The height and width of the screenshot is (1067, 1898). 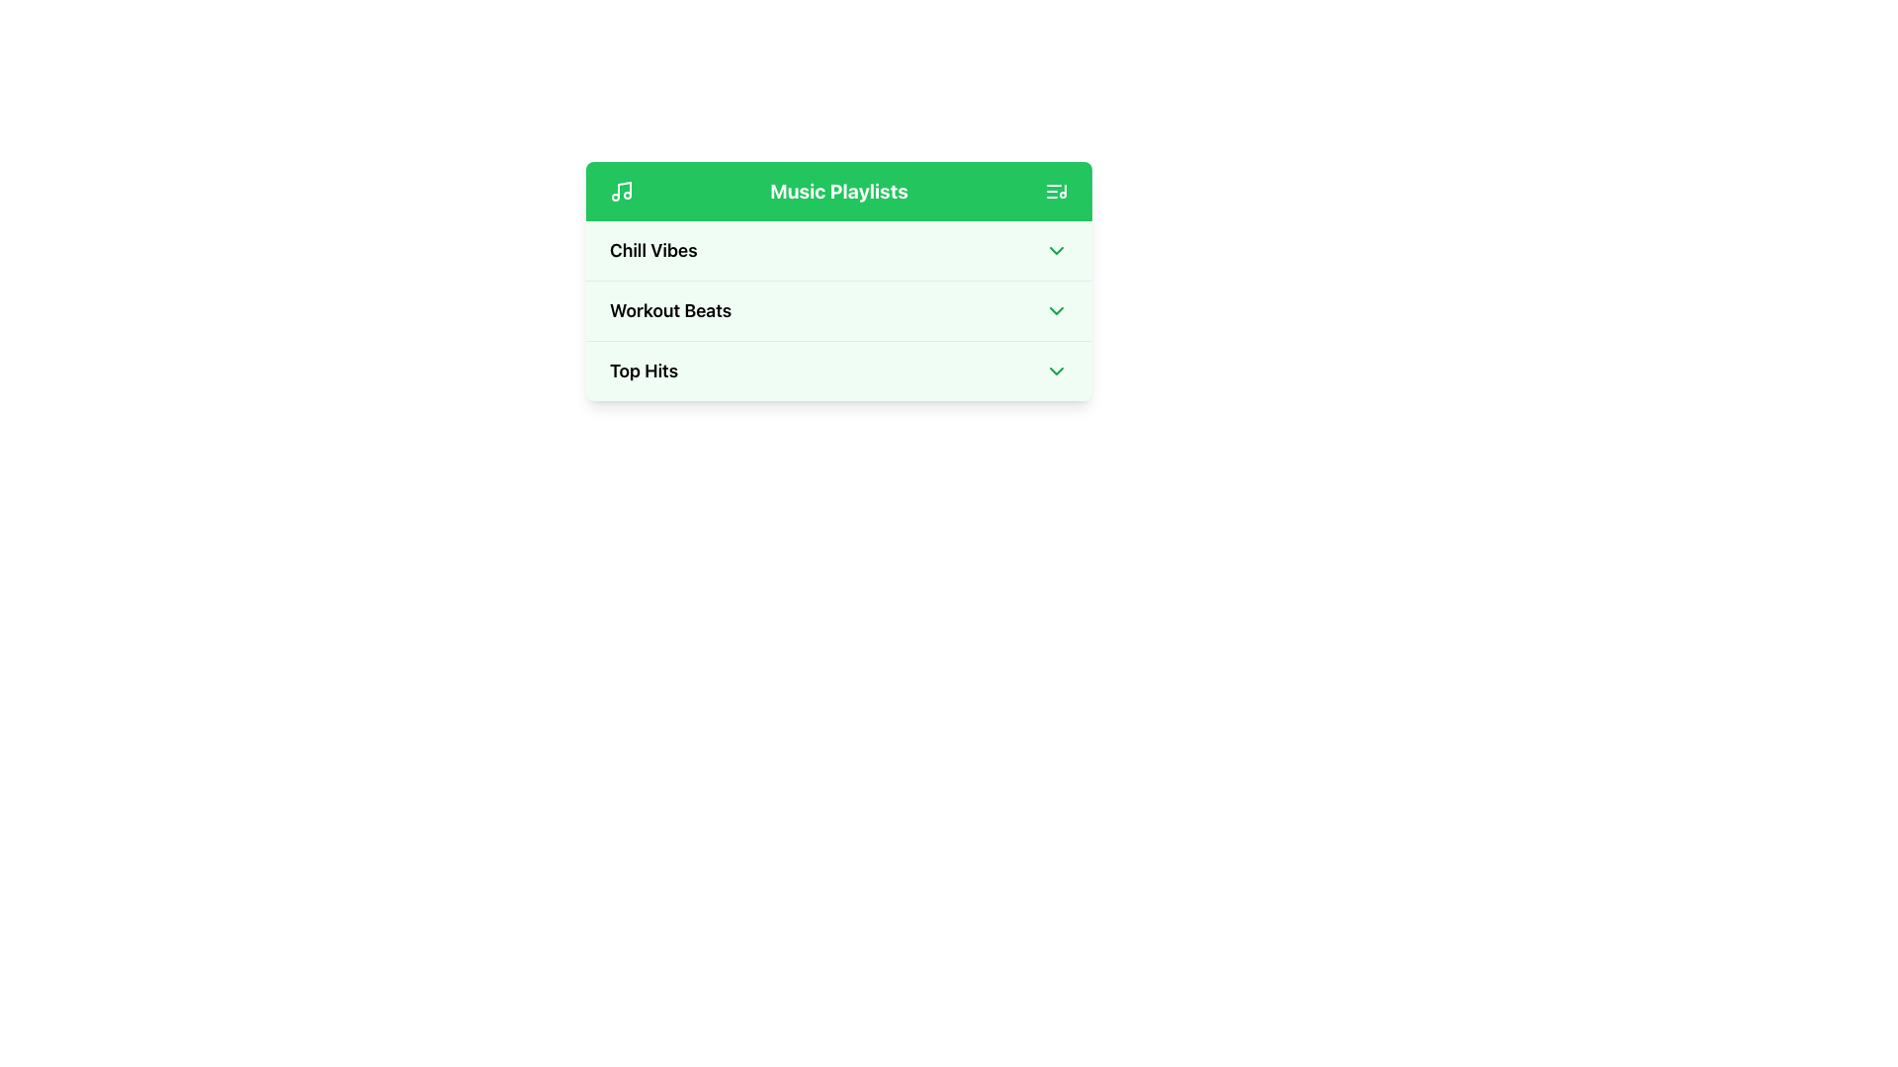 I want to click on the musical note icon, which is styled in a minimalist design and located on the left edge of the green header bar of the 'Music Playlists' section, before the text 'Music Playlists', so click(x=620, y=191).